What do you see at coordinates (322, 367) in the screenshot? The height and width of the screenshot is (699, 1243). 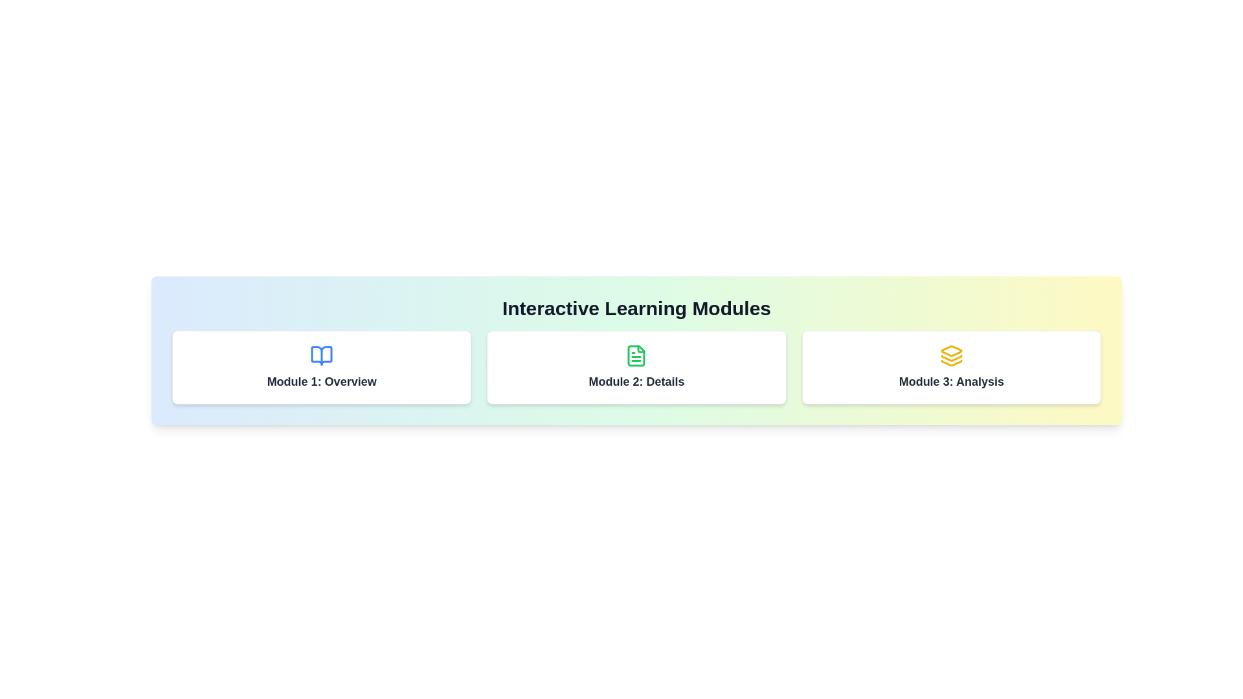 I see `the interactive card displaying 'Module 1: Overview', which features an open book icon and is the leftmost card in a grid of three modules` at bounding box center [322, 367].